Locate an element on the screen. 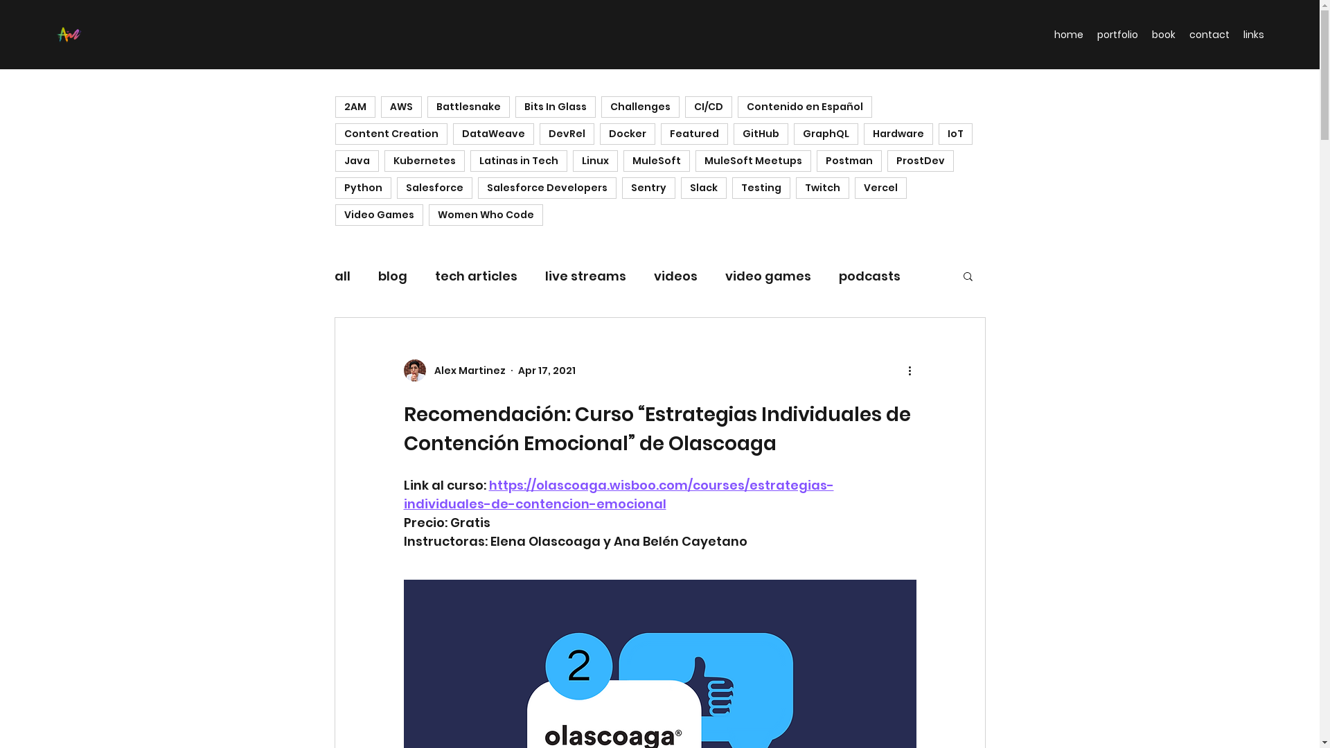 The height and width of the screenshot is (748, 1330). 'portfolio' is located at coordinates (1117, 34).